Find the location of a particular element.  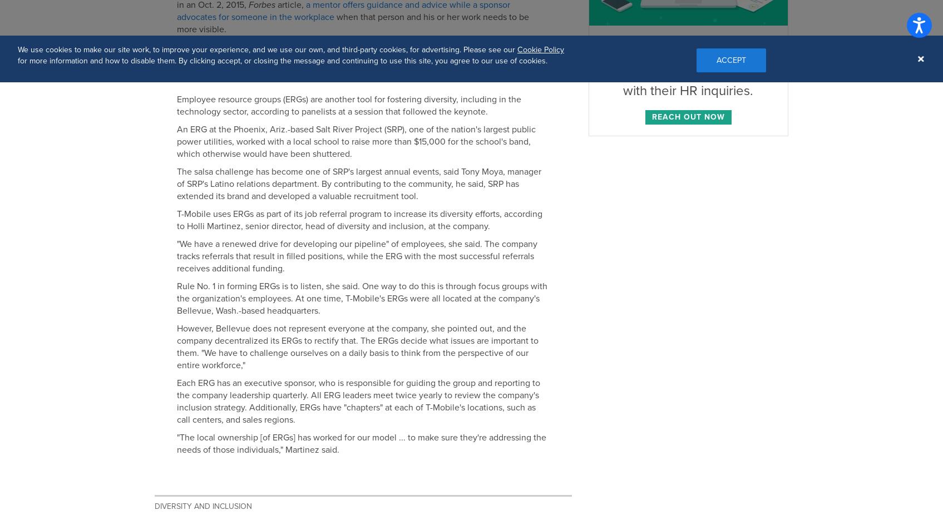

'Employee resource groups (ERGs) are another tool for fostering diversity, including in the technology sector, according to panelists at a session that followed the keynote.' is located at coordinates (348, 105).